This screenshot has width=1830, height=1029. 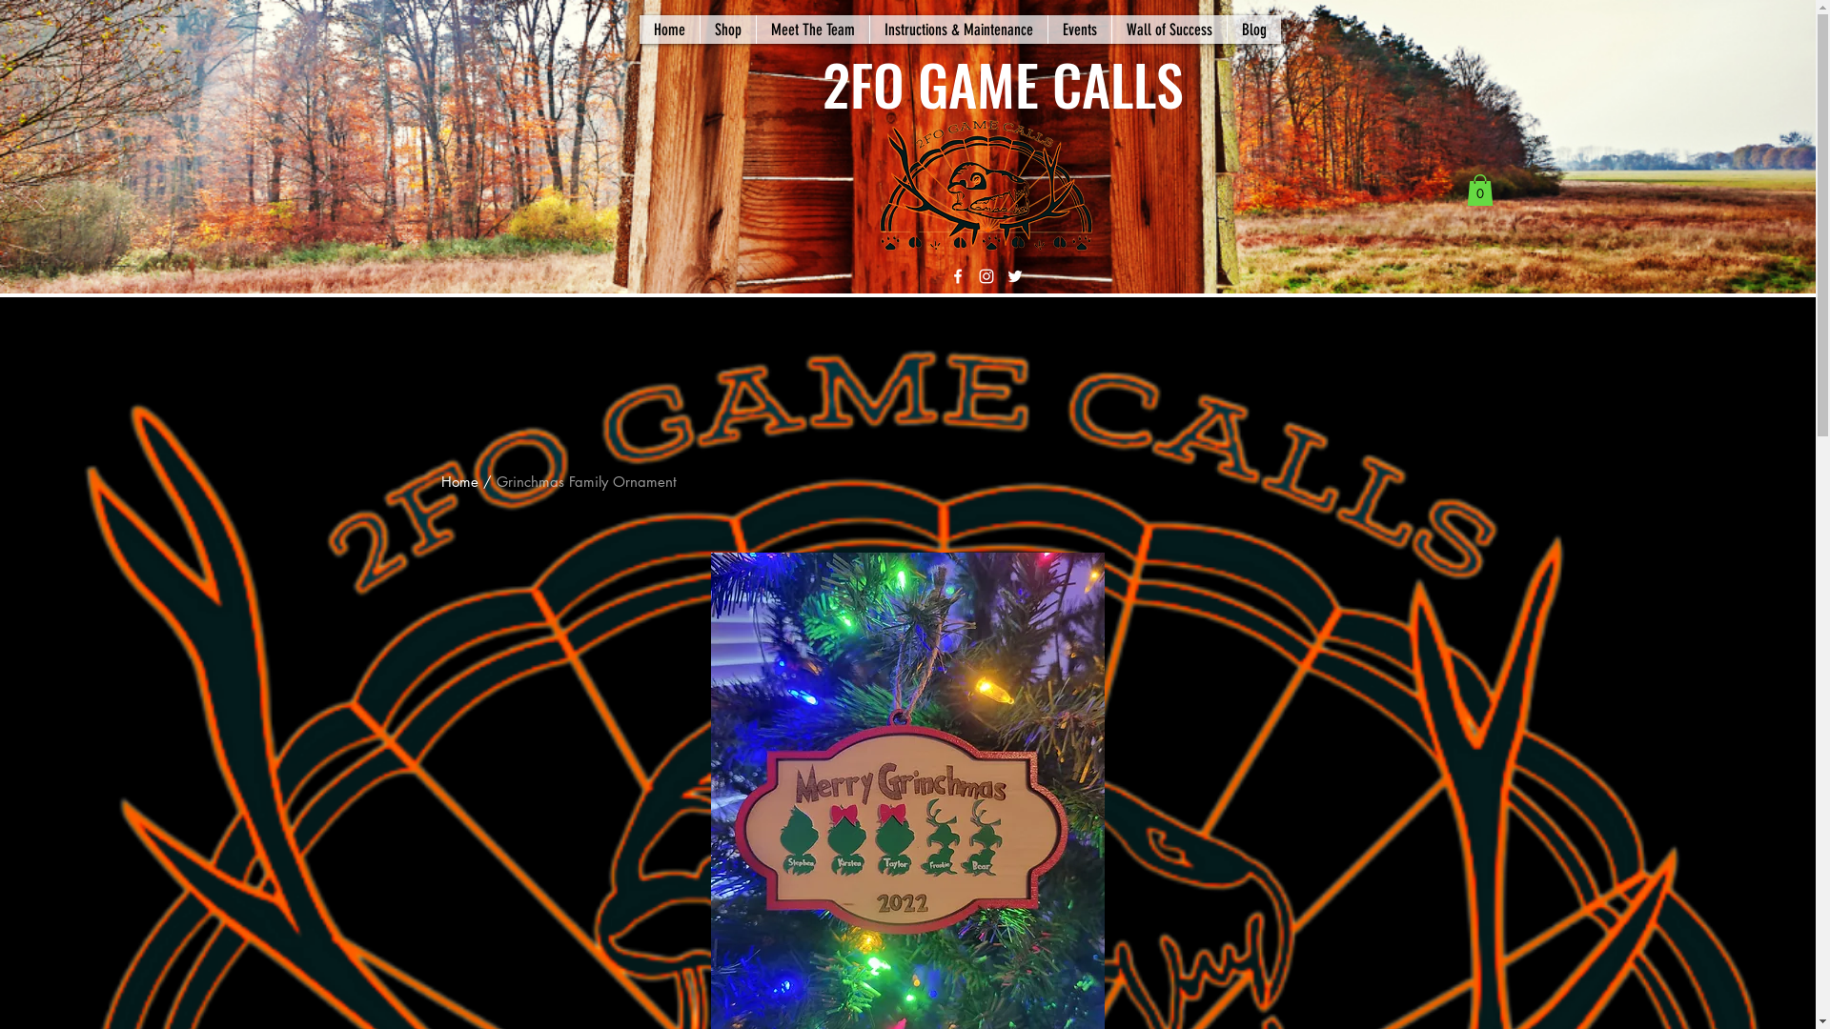 What do you see at coordinates (458, 480) in the screenshot?
I see `'Home'` at bounding box center [458, 480].